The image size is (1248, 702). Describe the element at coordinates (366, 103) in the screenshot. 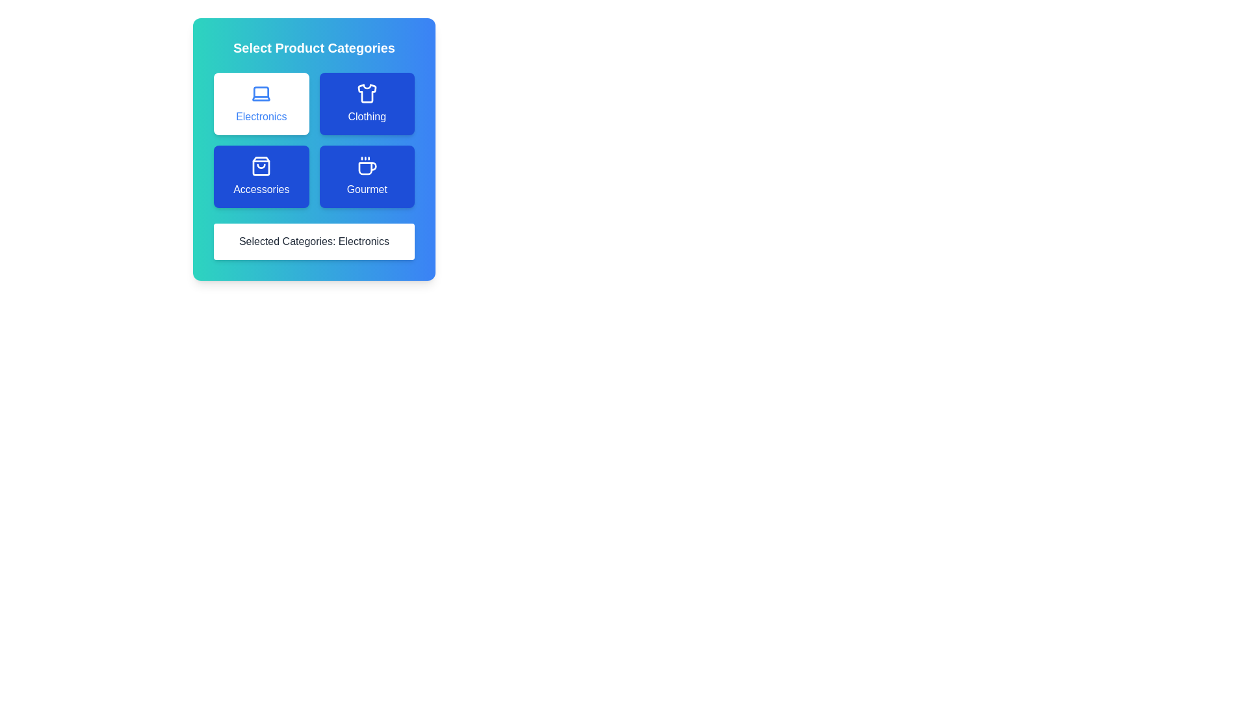

I see `the category Clothing by clicking its button` at that location.